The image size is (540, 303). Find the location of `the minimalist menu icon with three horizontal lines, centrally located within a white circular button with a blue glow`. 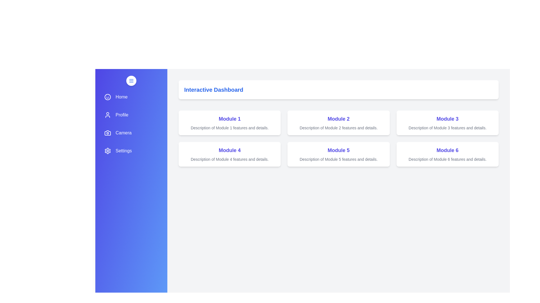

the minimalist menu icon with three horizontal lines, centrally located within a white circular button with a blue glow is located at coordinates (131, 81).